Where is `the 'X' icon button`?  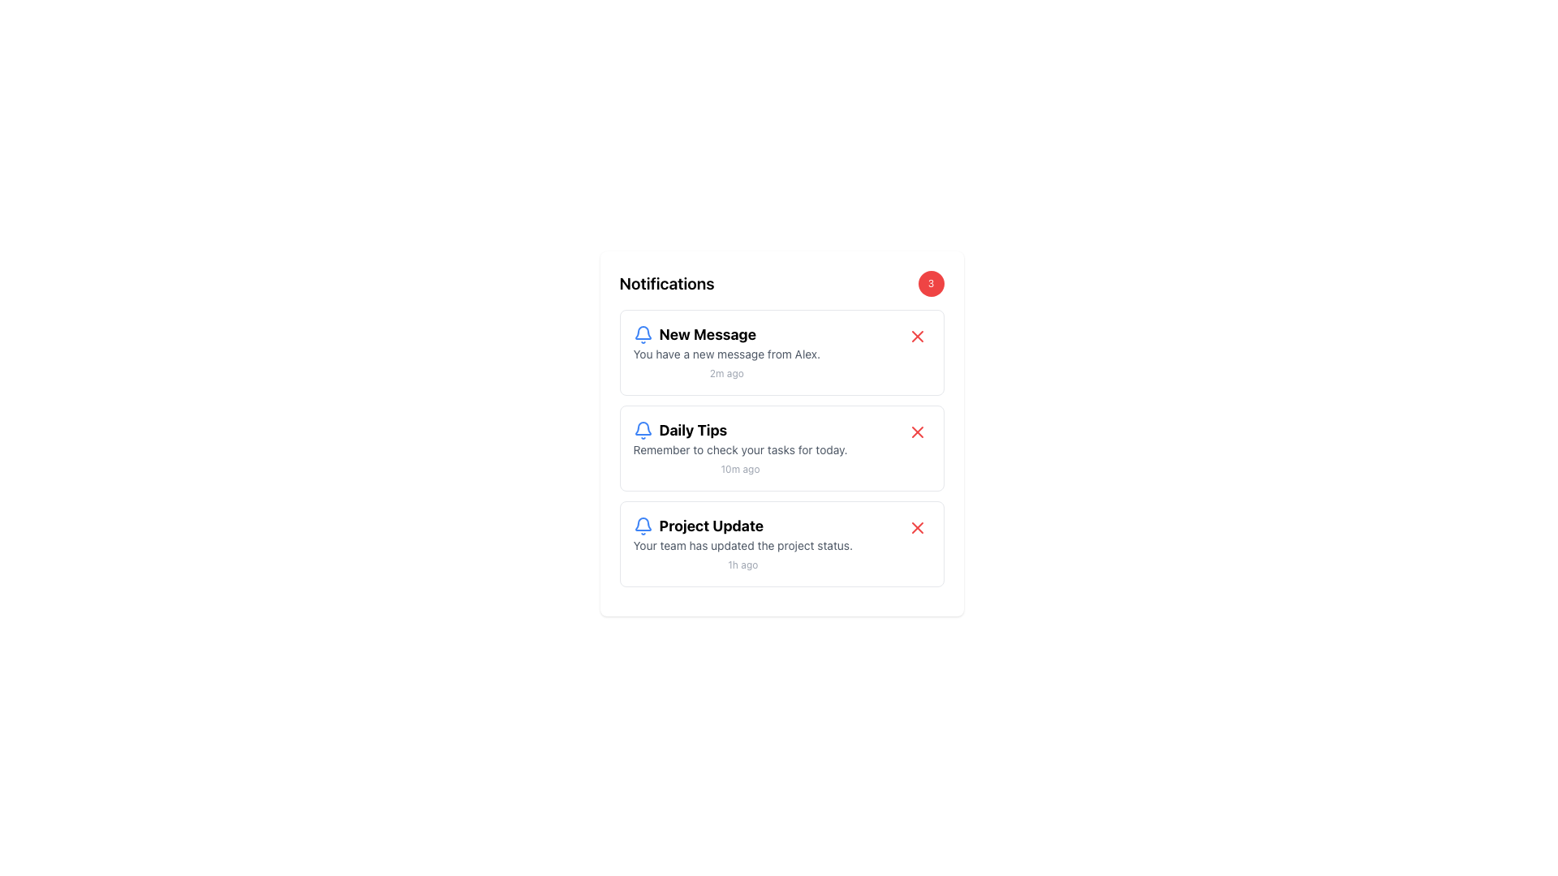 the 'X' icon button is located at coordinates (917, 336).